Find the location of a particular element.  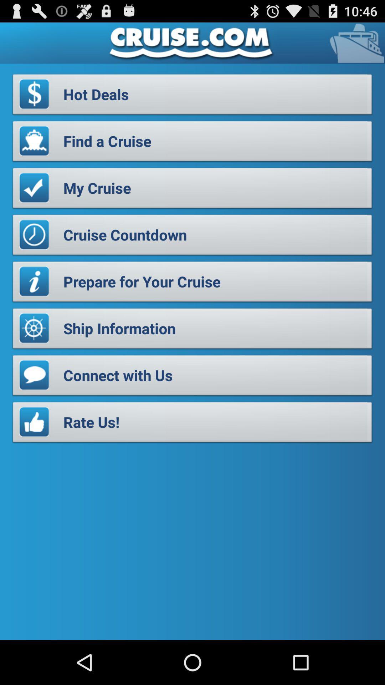

find a cruise icon is located at coordinates (192, 143).